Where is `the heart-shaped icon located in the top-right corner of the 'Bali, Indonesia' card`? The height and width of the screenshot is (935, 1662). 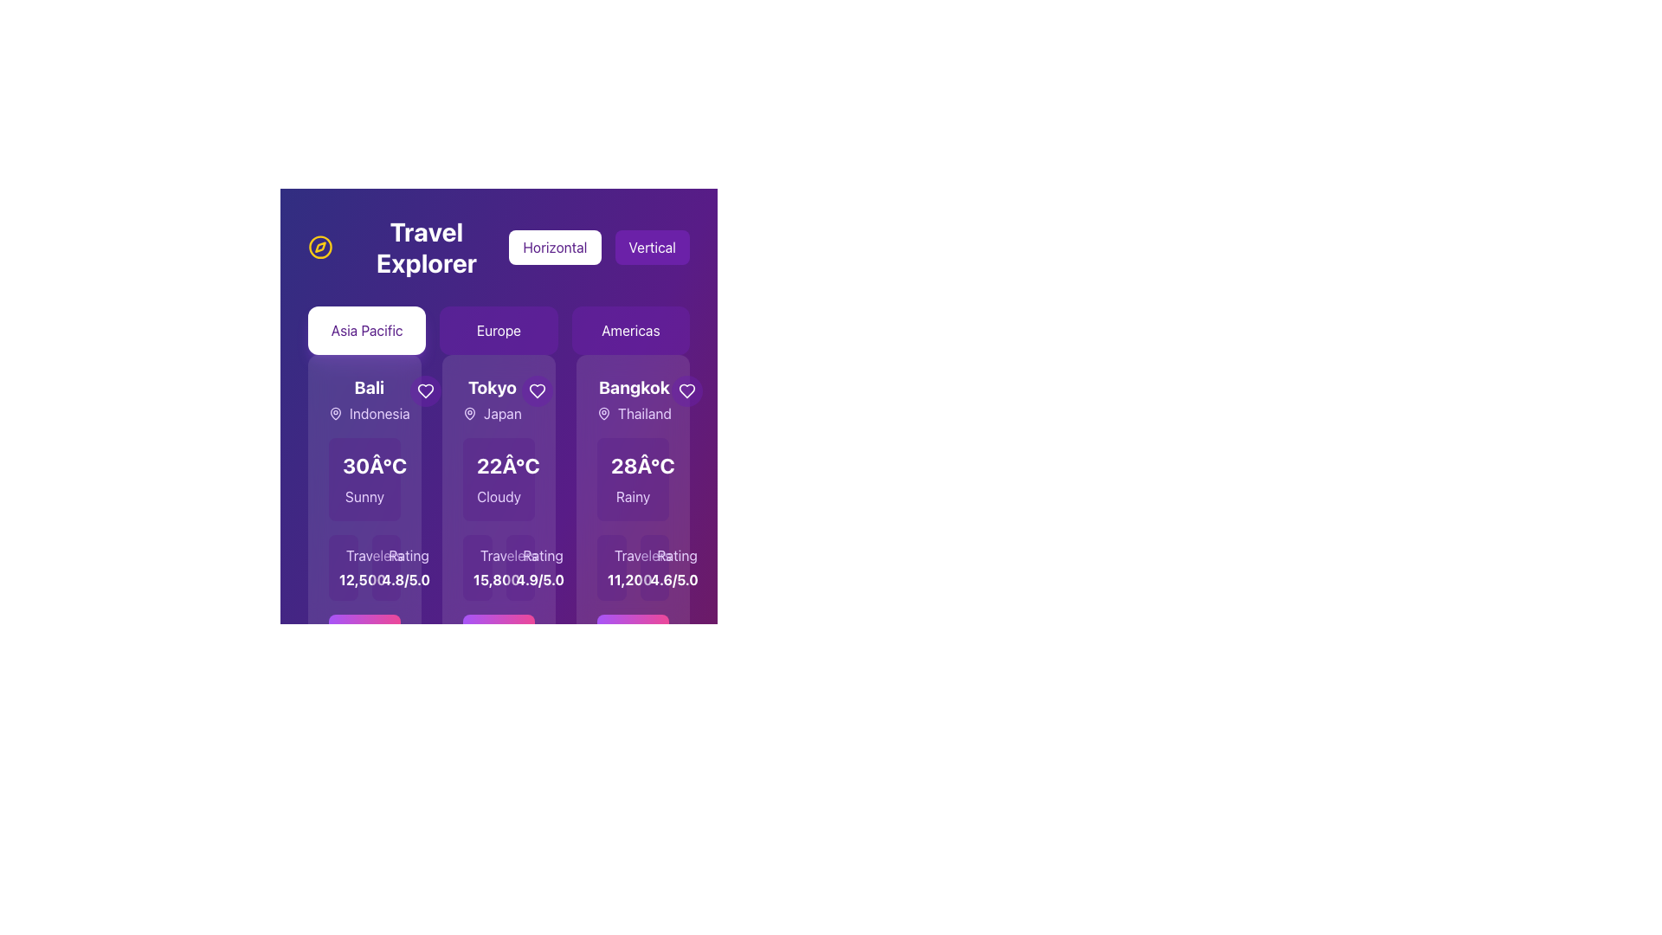
the heart-shaped icon located in the top-right corner of the 'Bali, Indonesia' card is located at coordinates (425, 390).